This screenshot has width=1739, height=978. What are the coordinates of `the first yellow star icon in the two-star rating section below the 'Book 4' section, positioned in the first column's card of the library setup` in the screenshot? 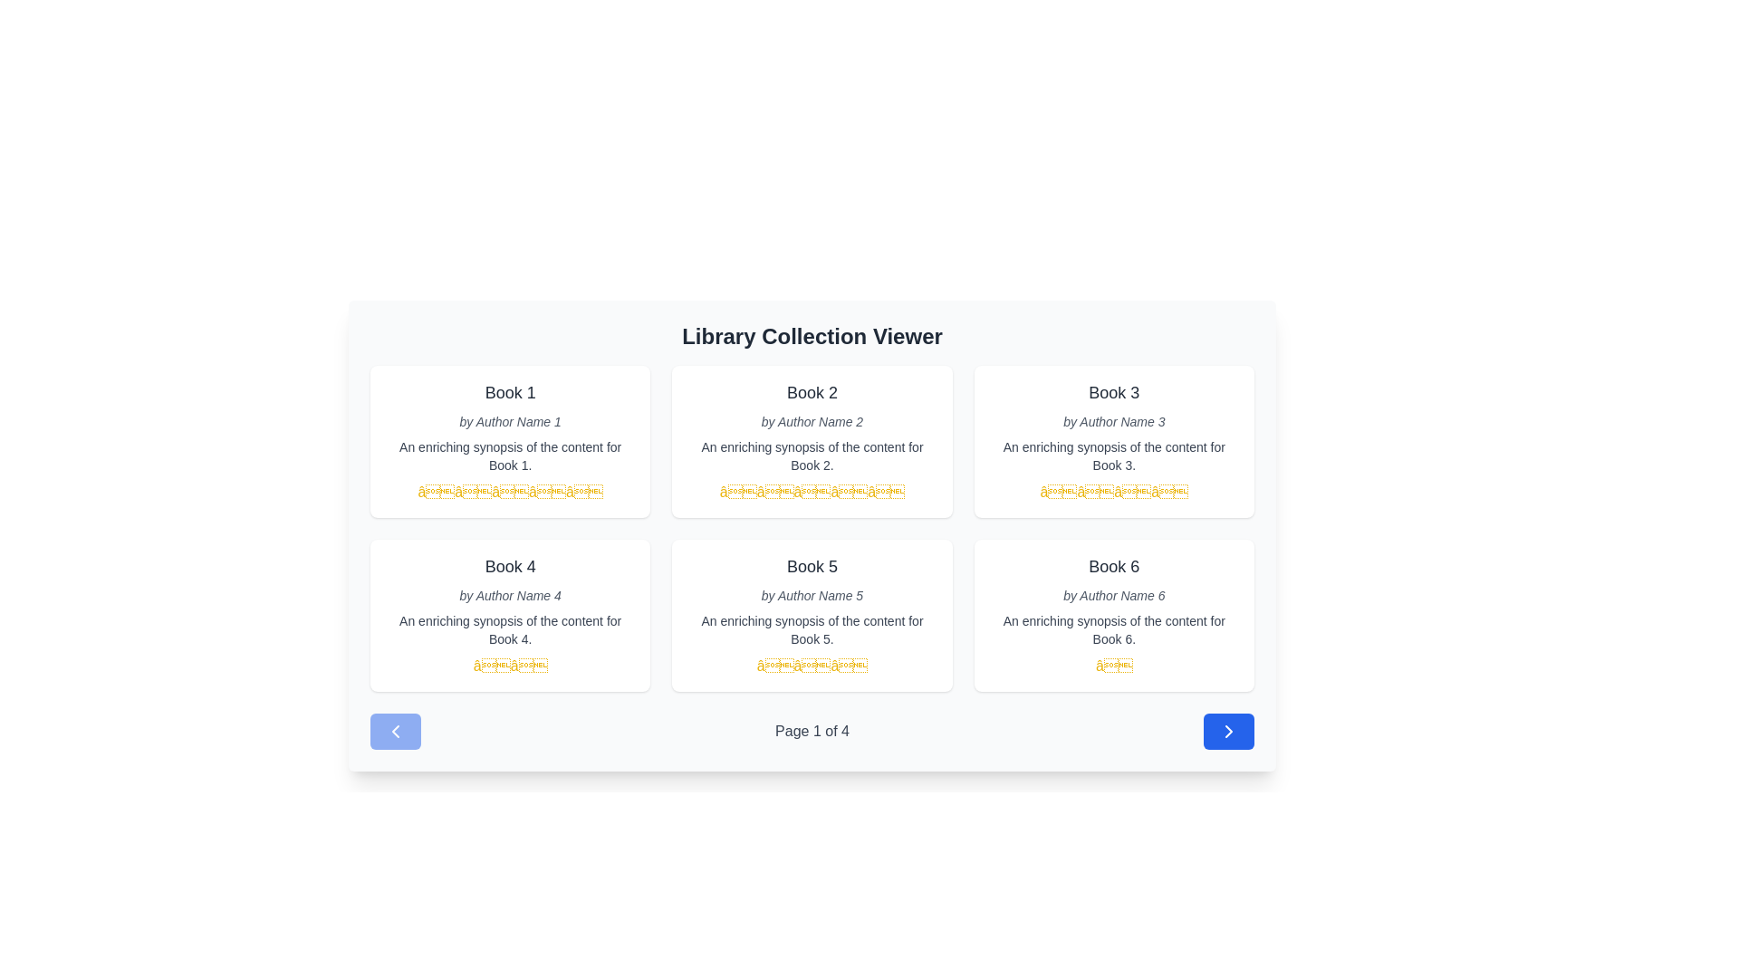 It's located at (492, 666).